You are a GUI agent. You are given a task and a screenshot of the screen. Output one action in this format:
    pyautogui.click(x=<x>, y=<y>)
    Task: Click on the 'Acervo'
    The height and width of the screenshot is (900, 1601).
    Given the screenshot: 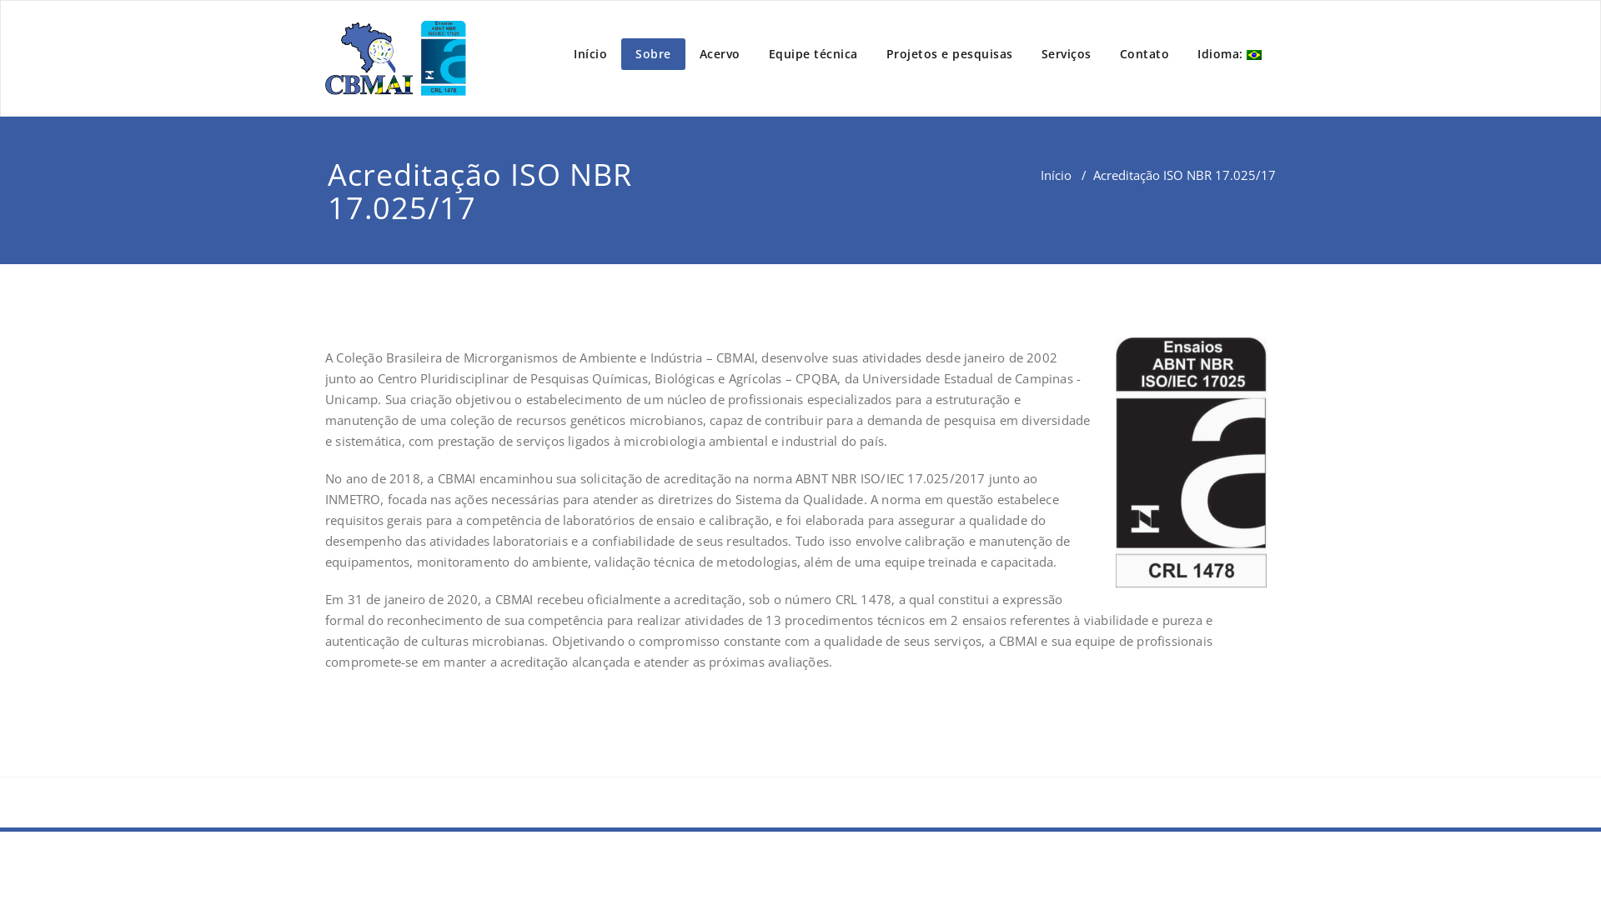 What is the action you would take?
    pyautogui.click(x=720, y=53)
    